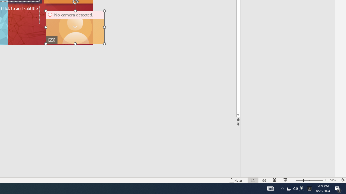 The height and width of the screenshot is (194, 346). Describe the element at coordinates (236, 180) in the screenshot. I see `'Notes '` at that location.